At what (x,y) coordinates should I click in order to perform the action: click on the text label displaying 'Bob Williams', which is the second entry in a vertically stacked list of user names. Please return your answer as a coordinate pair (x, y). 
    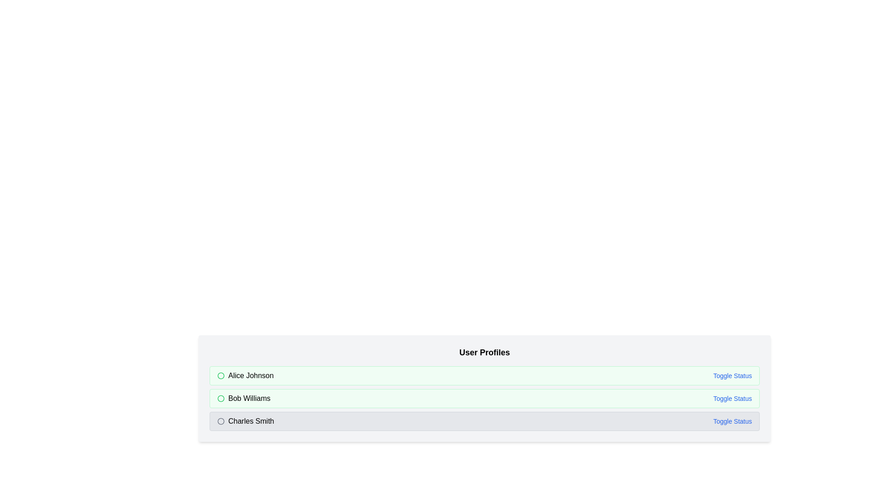
    Looking at the image, I should click on (244, 398).